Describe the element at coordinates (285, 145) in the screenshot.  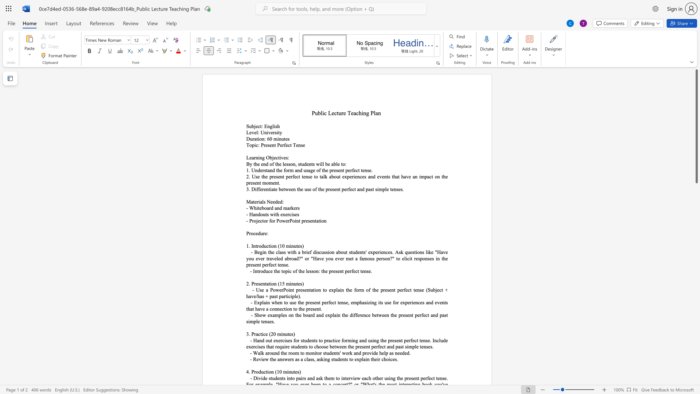
I see `the space between the continuous character "f" and "e" in the text` at that location.